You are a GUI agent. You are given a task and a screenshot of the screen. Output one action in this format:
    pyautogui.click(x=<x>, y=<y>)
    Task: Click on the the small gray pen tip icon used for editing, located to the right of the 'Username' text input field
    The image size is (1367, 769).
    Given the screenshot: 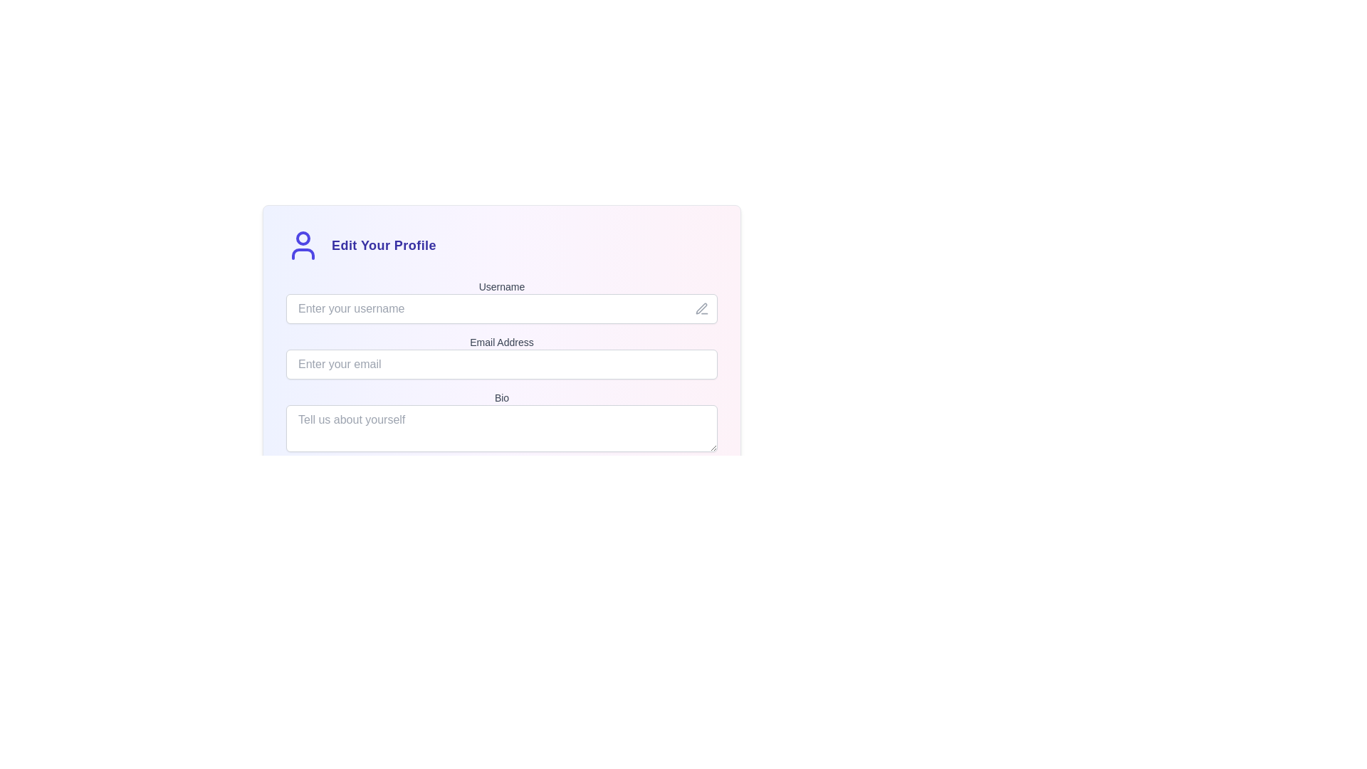 What is the action you would take?
    pyautogui.click(x=701, y=308)
    